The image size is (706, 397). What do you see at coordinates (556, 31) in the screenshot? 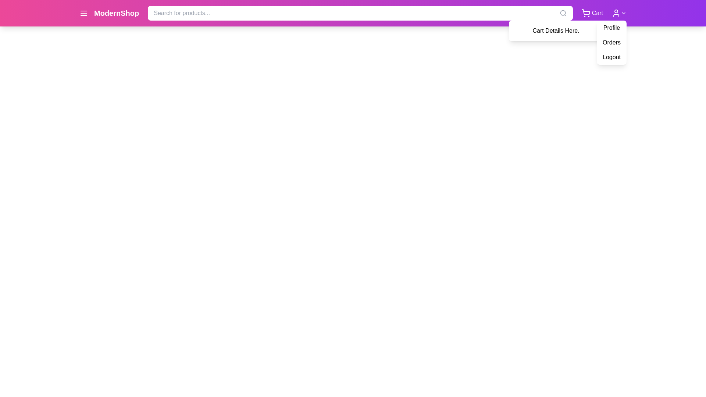
I see `the pop-up styled panel with a white background and the text 'Cart Details Here.'` at bounding box center [556, 31].